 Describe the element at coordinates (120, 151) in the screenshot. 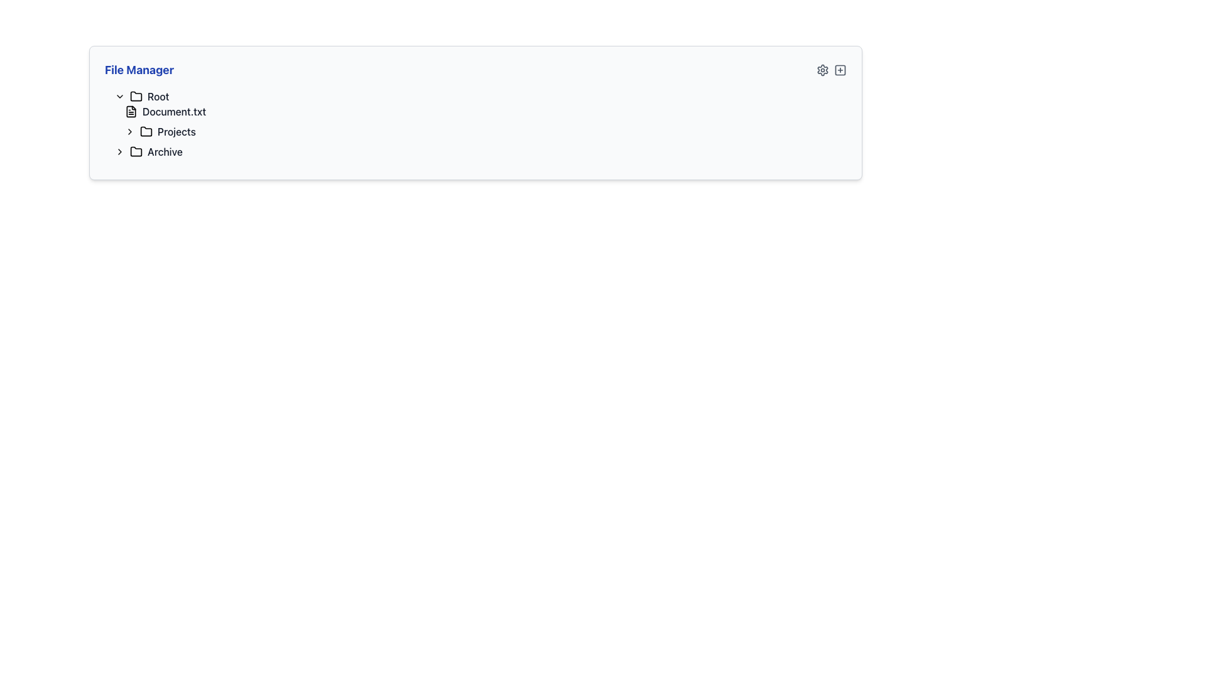

I see `the Chevron icon button located to the left of the 'Archive' folder label` at that location.